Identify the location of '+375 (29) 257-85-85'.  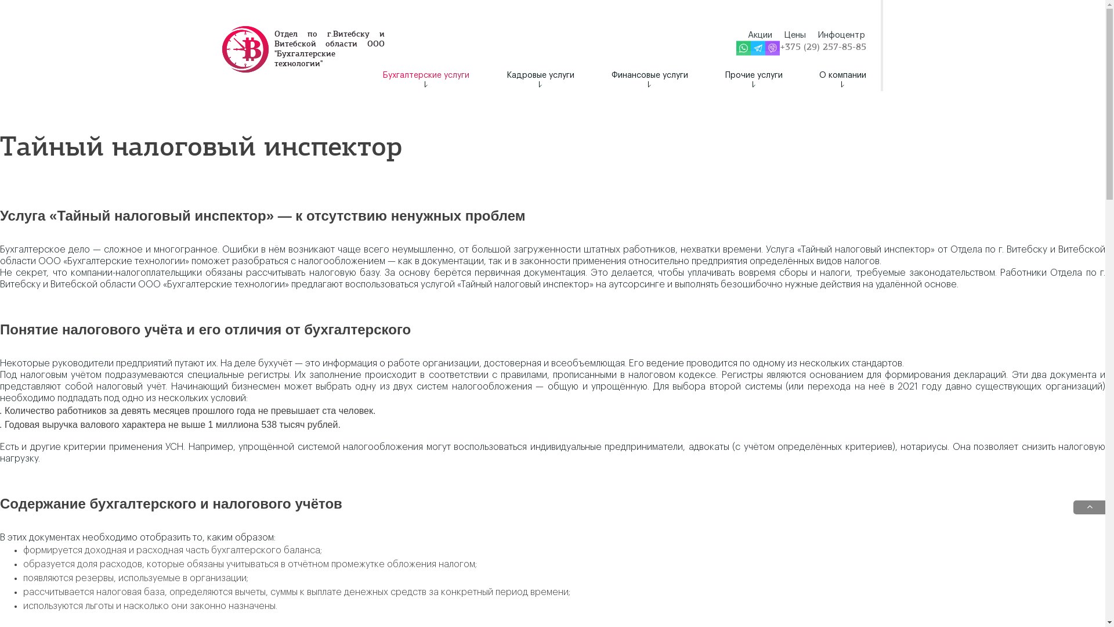
(822, 48).